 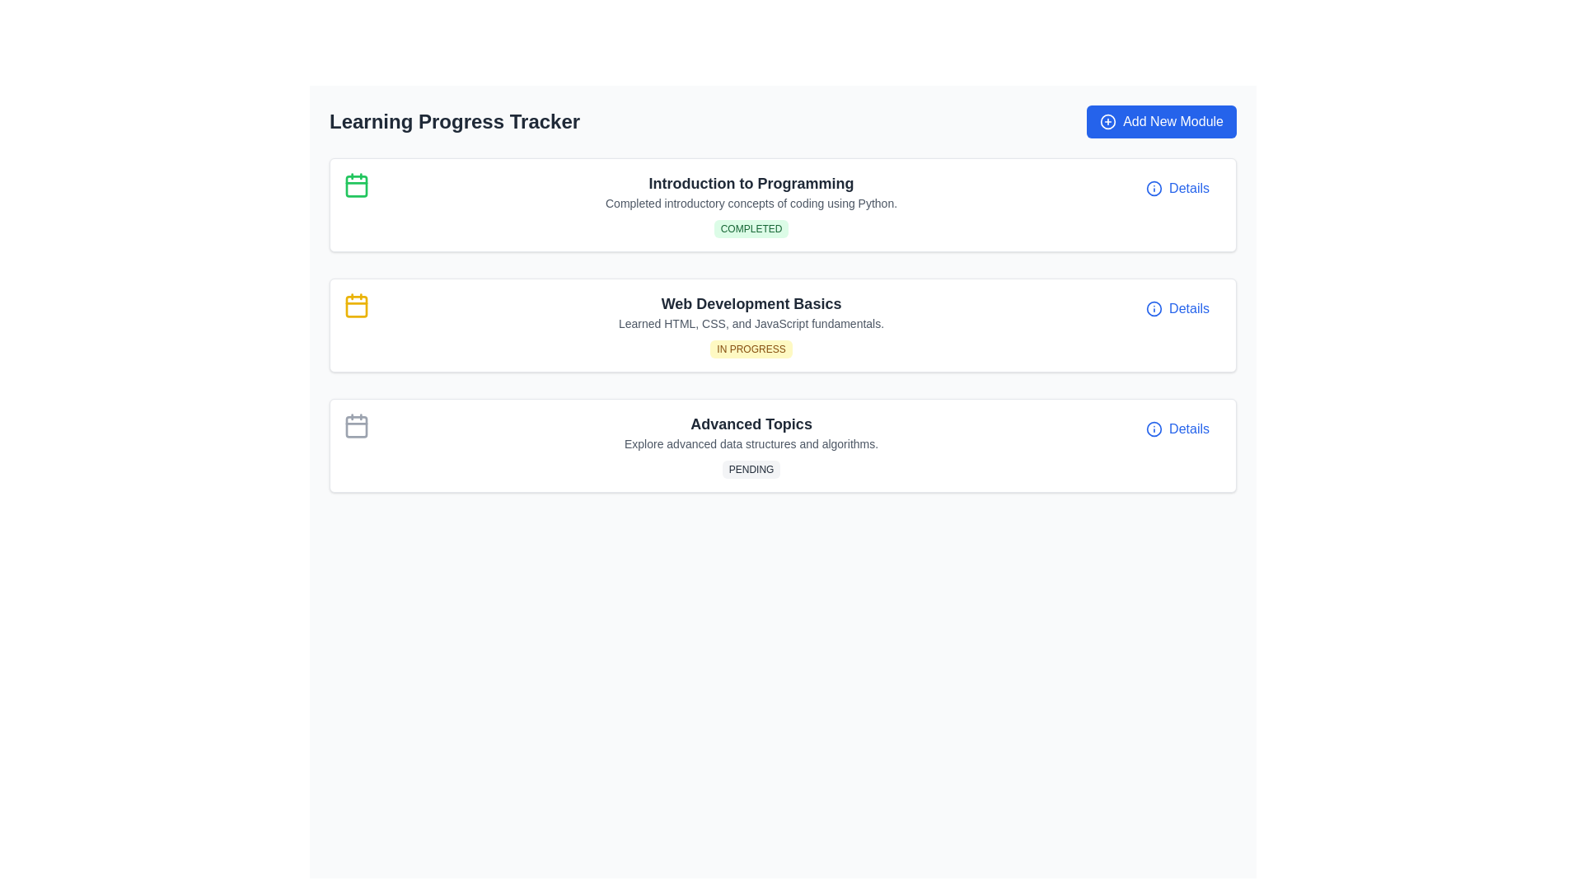 I want to click on the 'Web Development Basics' card in the 'Learning Progress Tracker' section, which displays the title in bold, a subtitle about HTML, CSS, and JavaScript, and a label stating 'IN PROGRESS' in yellow text, so click(x=751, y=325).